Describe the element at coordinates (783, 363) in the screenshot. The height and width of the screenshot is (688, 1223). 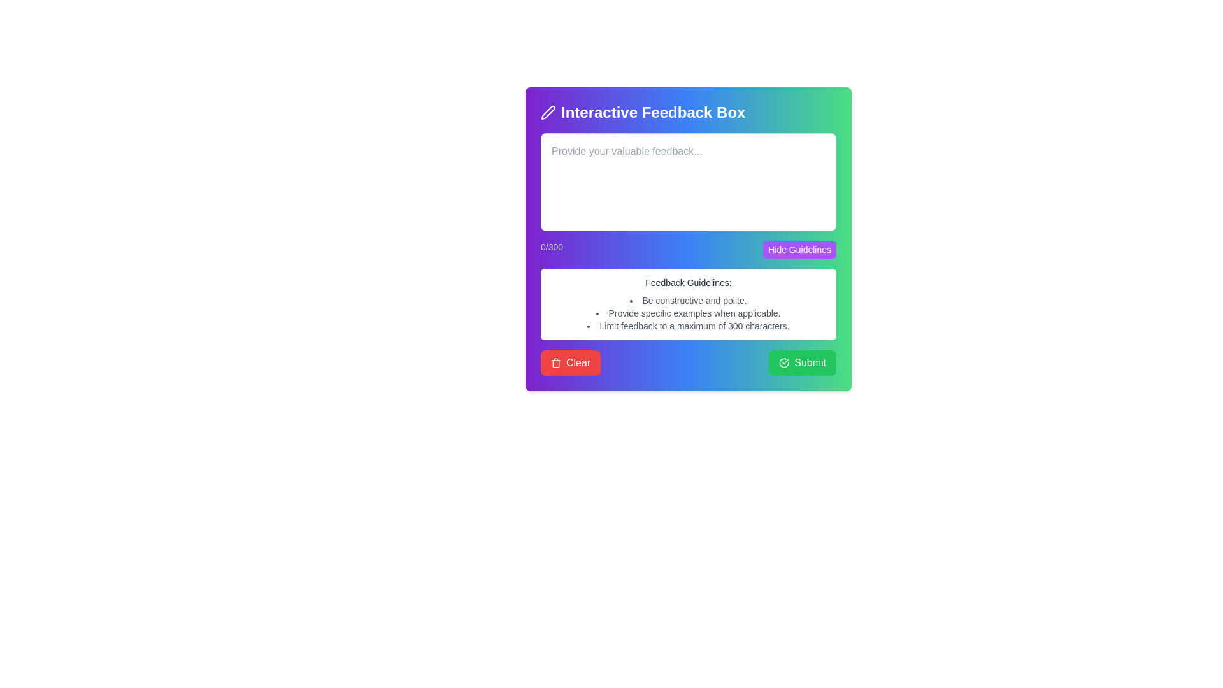
I see `the circular icon with a checkmark inside it, which is styled with a green stroke and located to the left of the text 'Submit' in the button group at the bottom-right of the feedback box` at that location.